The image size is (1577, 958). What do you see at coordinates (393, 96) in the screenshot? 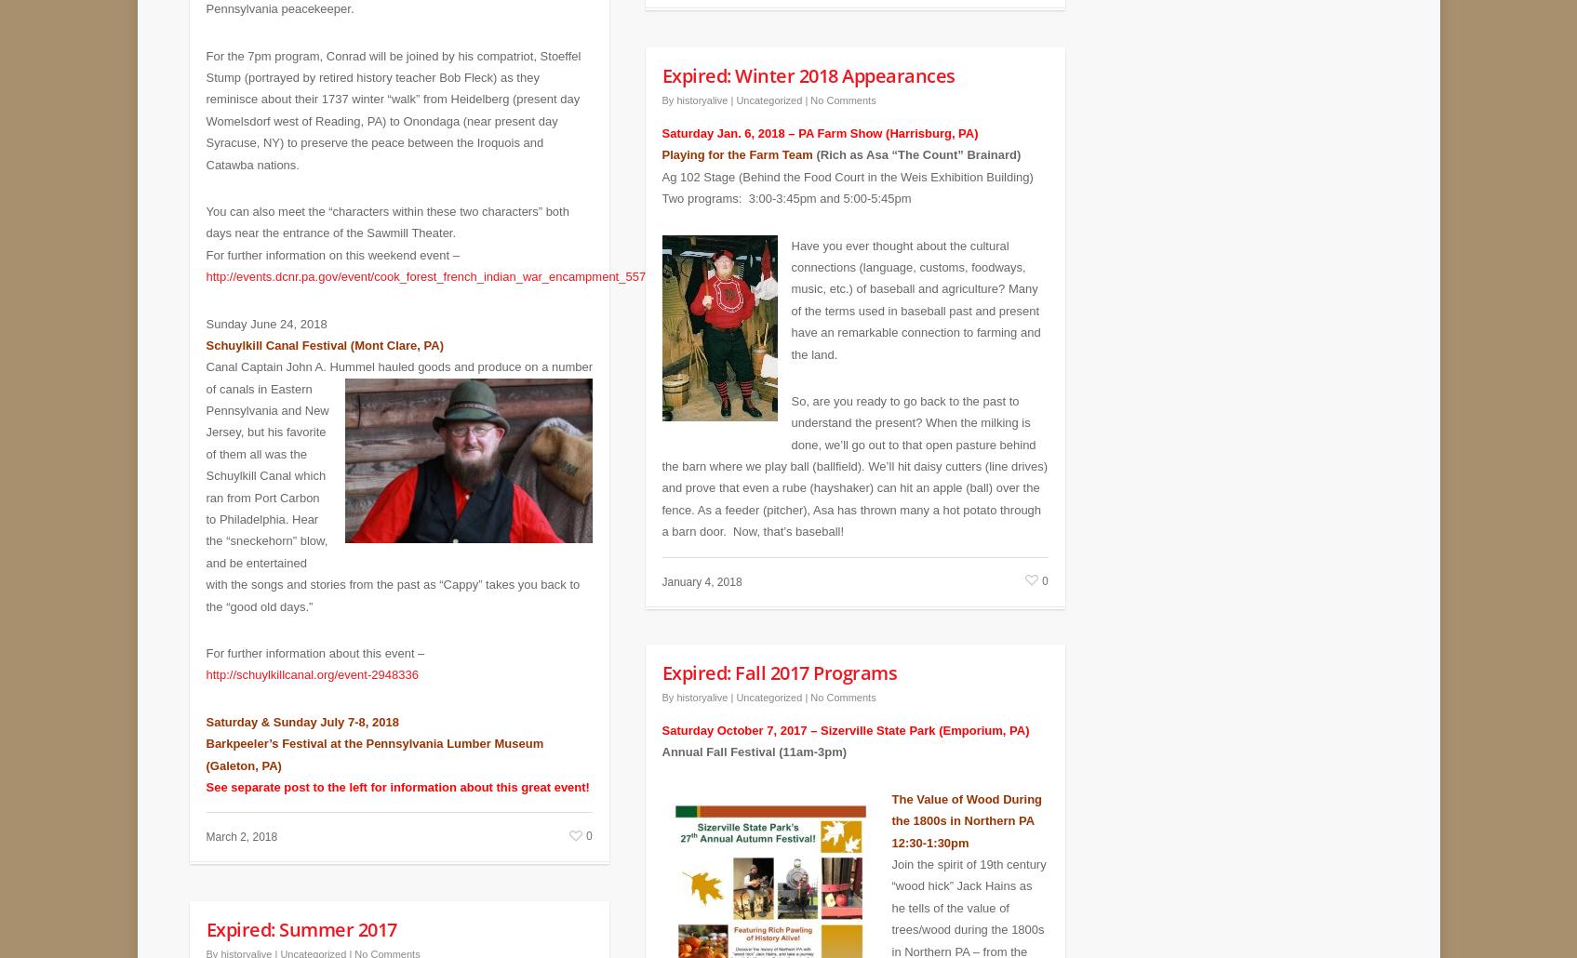
I see `'For the 7pm program, Conrad will be joined by his compatriot, Stoeffel Stump (portrayed by retired history teacher Bob Fleck) as they reminisce about their 1737 winter “walk” from Heidelberg (present day Womelsdorf west of Reading, PA) to Onondaga (near present day Syracuse, NY) to preserve the peace between the Iroquois and Catawba nations.'` at bounding box center [393, 96].